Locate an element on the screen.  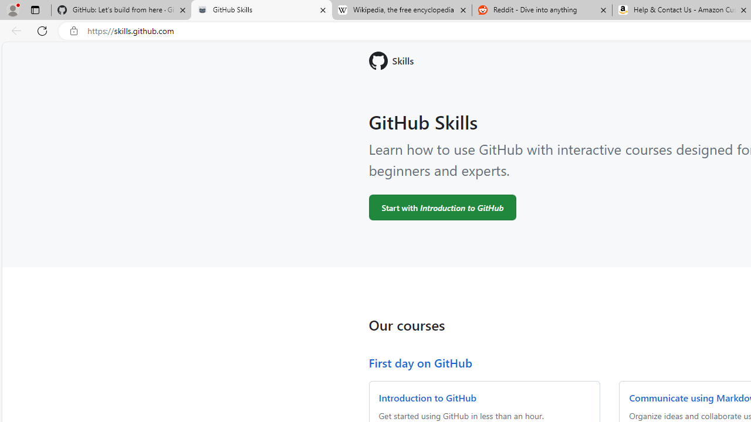
'Introduction to GitHub' is located at coordinates (427, 397).